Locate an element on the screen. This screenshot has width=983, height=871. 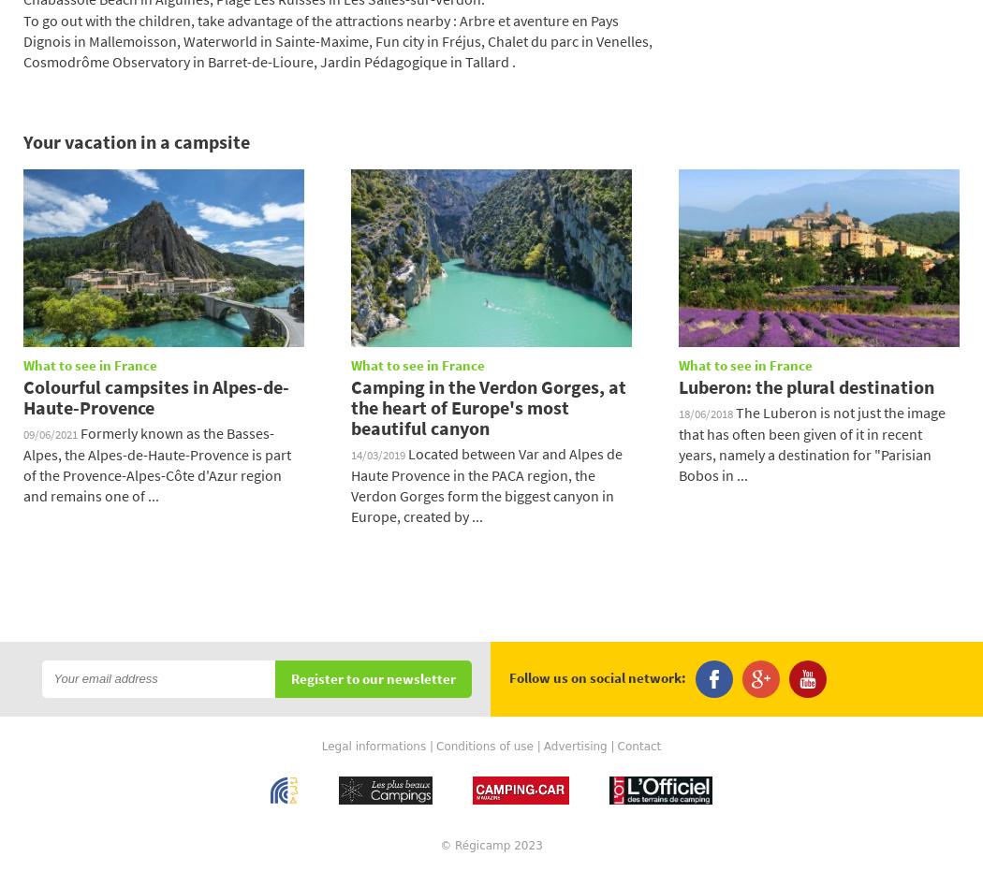
'09/06/2021' is located at coordinates (22, 433).